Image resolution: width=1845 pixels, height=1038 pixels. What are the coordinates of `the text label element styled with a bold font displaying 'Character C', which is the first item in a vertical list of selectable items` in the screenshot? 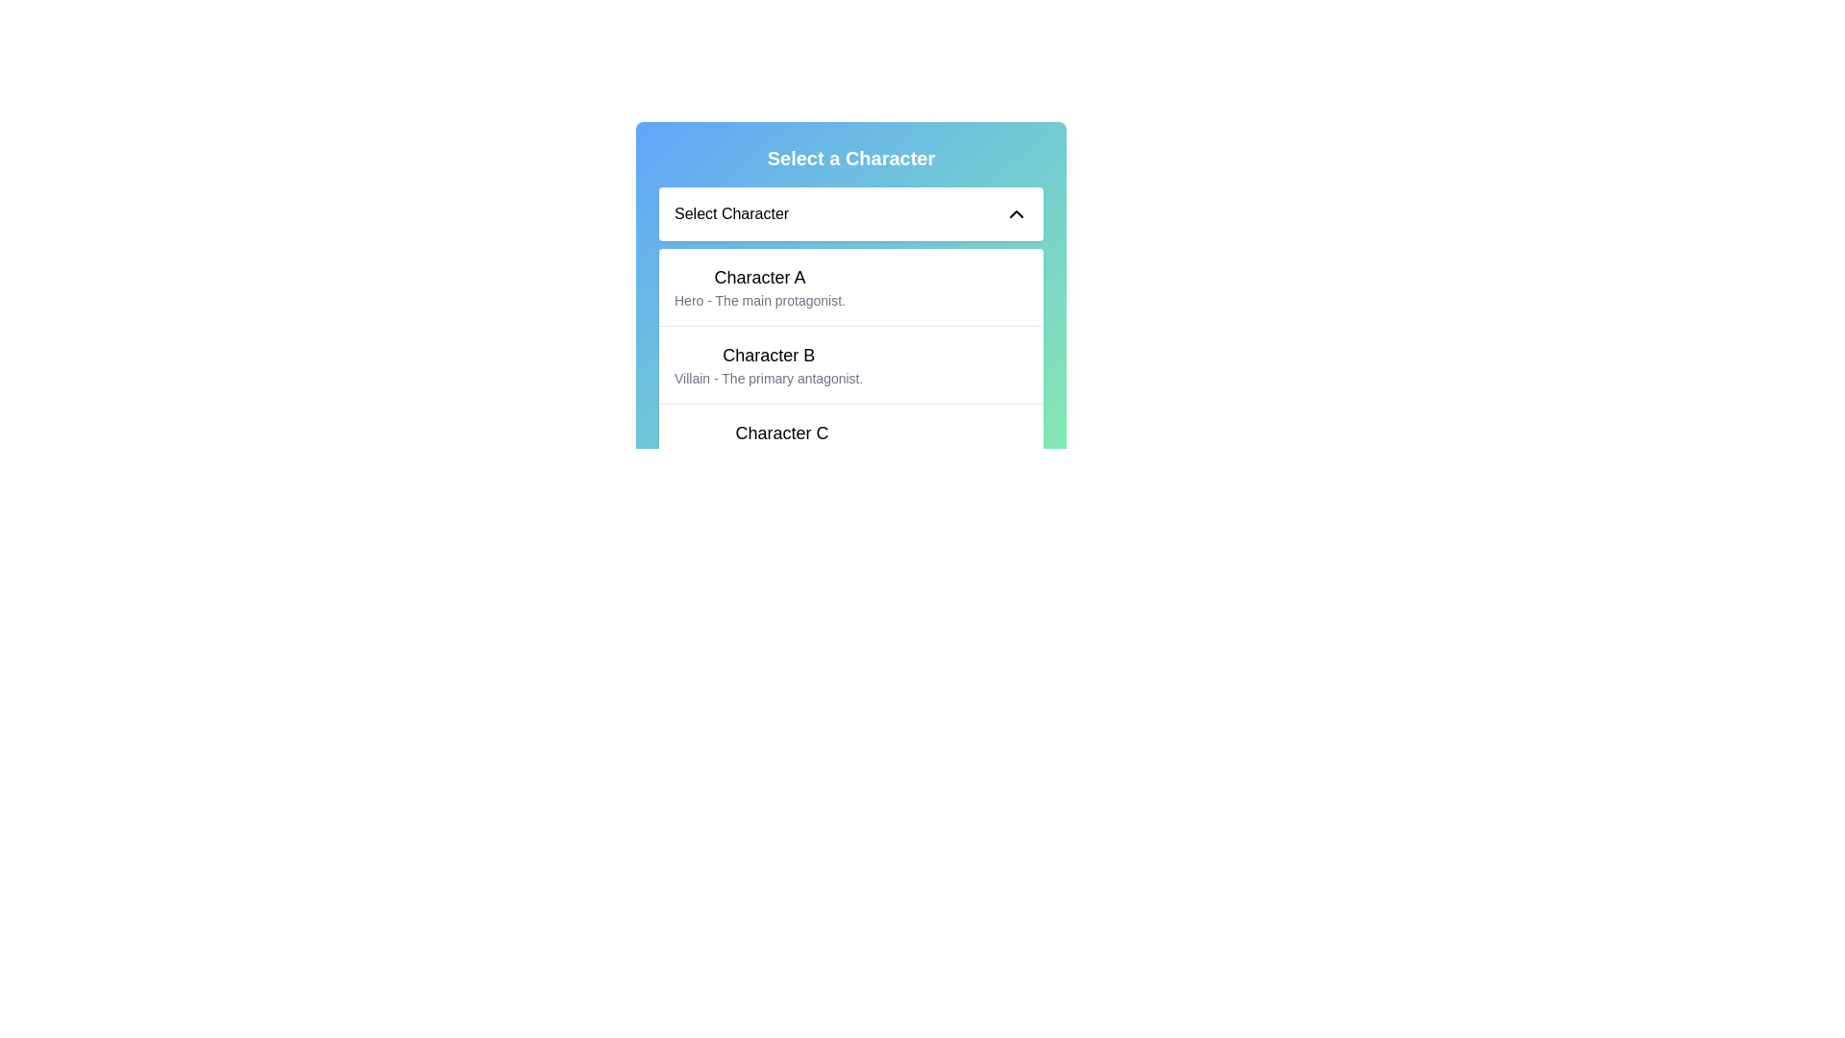 It's located at (782, 433).